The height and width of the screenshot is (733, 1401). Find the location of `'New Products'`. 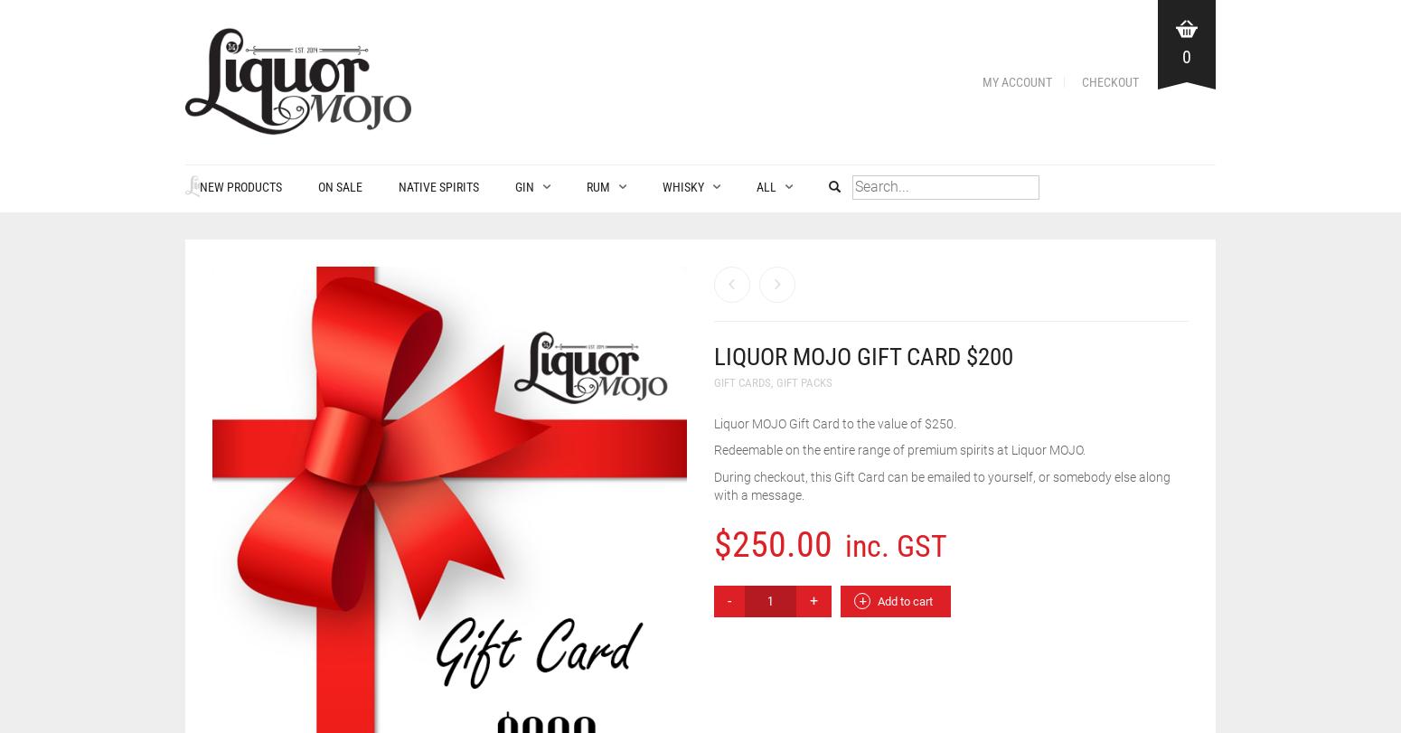

'New Products' is located at coordinates (226, 186).